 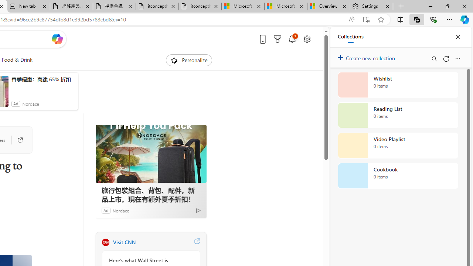 What do you see at coordinates (368, 56) in the screenshot?
I see `'Create new collection'` at bounding box center [368, 56].